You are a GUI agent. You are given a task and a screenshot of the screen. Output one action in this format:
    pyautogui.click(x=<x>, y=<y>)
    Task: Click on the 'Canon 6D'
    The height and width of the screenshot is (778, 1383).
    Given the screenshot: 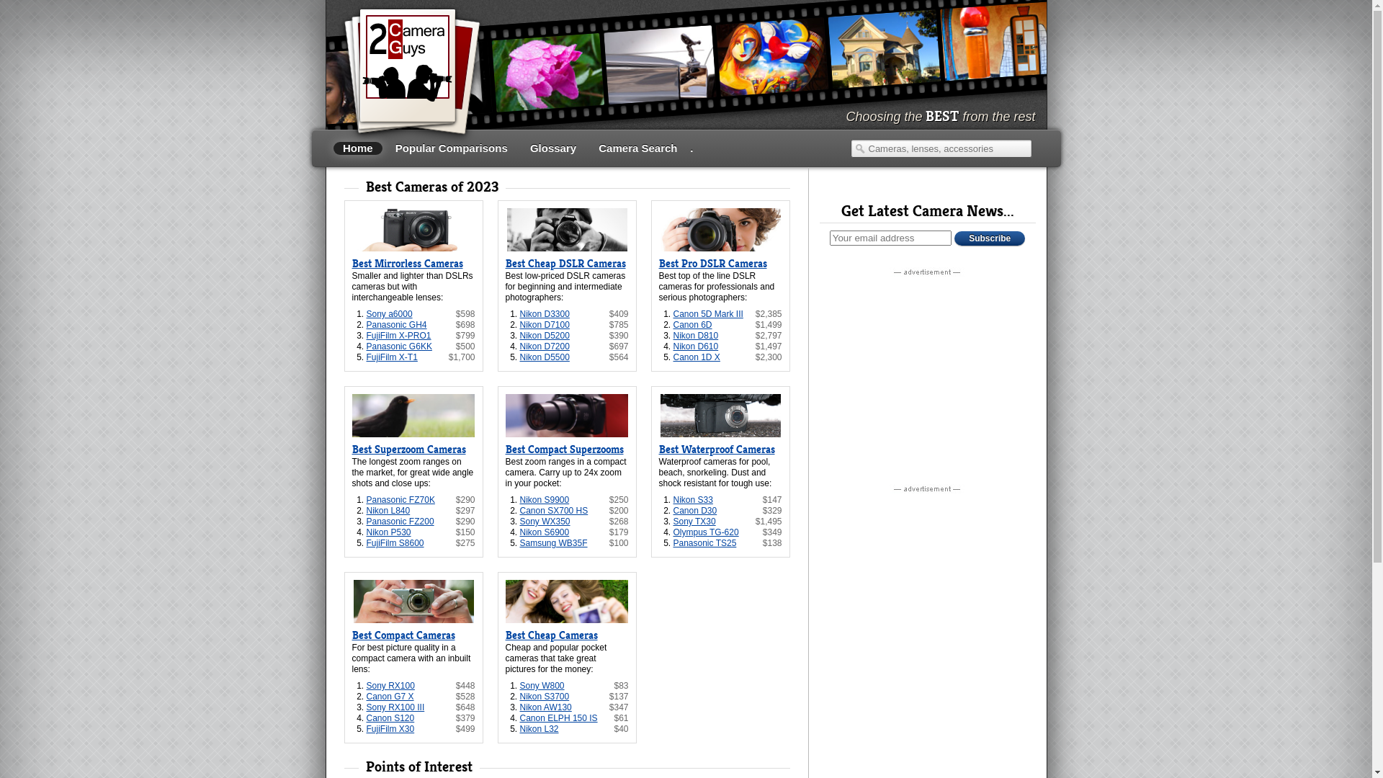 What is the action you would take?
    pyautogui.click(x=691, y=325)
    